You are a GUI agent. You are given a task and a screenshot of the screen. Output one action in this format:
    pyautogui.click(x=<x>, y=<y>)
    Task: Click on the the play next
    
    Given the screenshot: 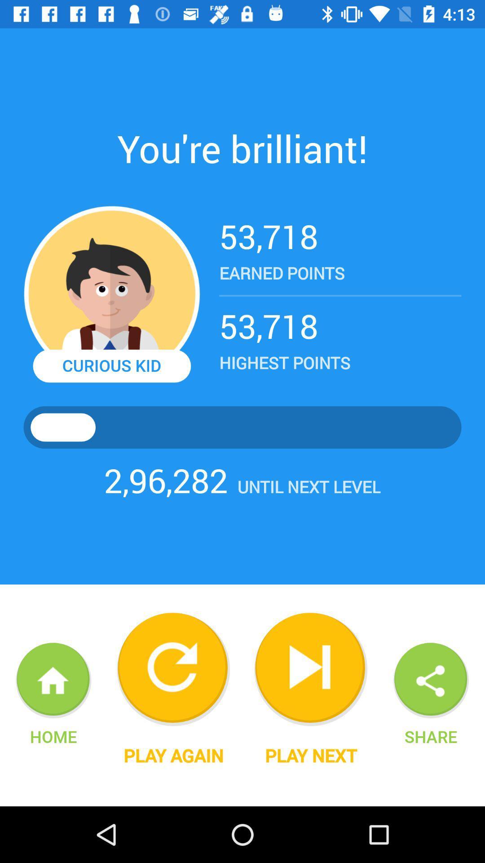 What is the action you would take?
    pyautogui.click(x=310, y=755)
    